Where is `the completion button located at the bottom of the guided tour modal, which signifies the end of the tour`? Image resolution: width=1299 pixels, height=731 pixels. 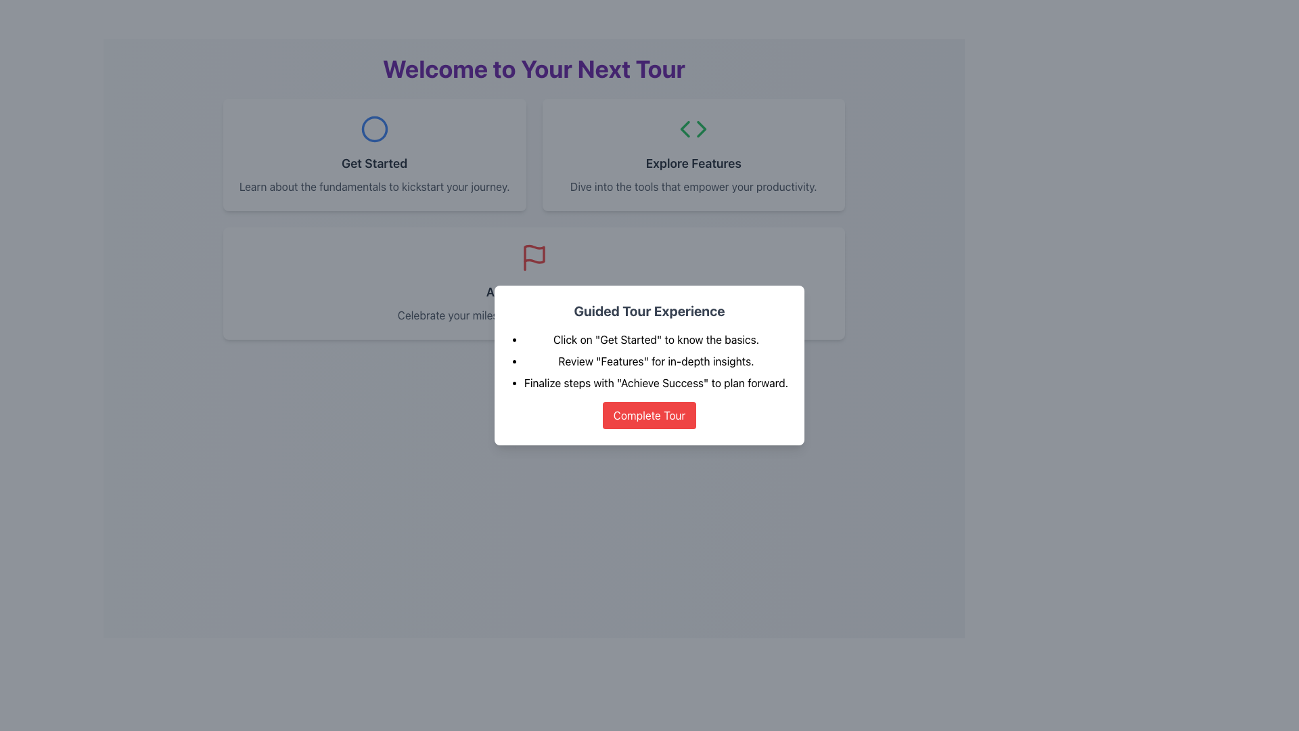 the completion button located at the bottom of the guided tour modal, which signifies the end of the tour is located at coordinates (649, 414).